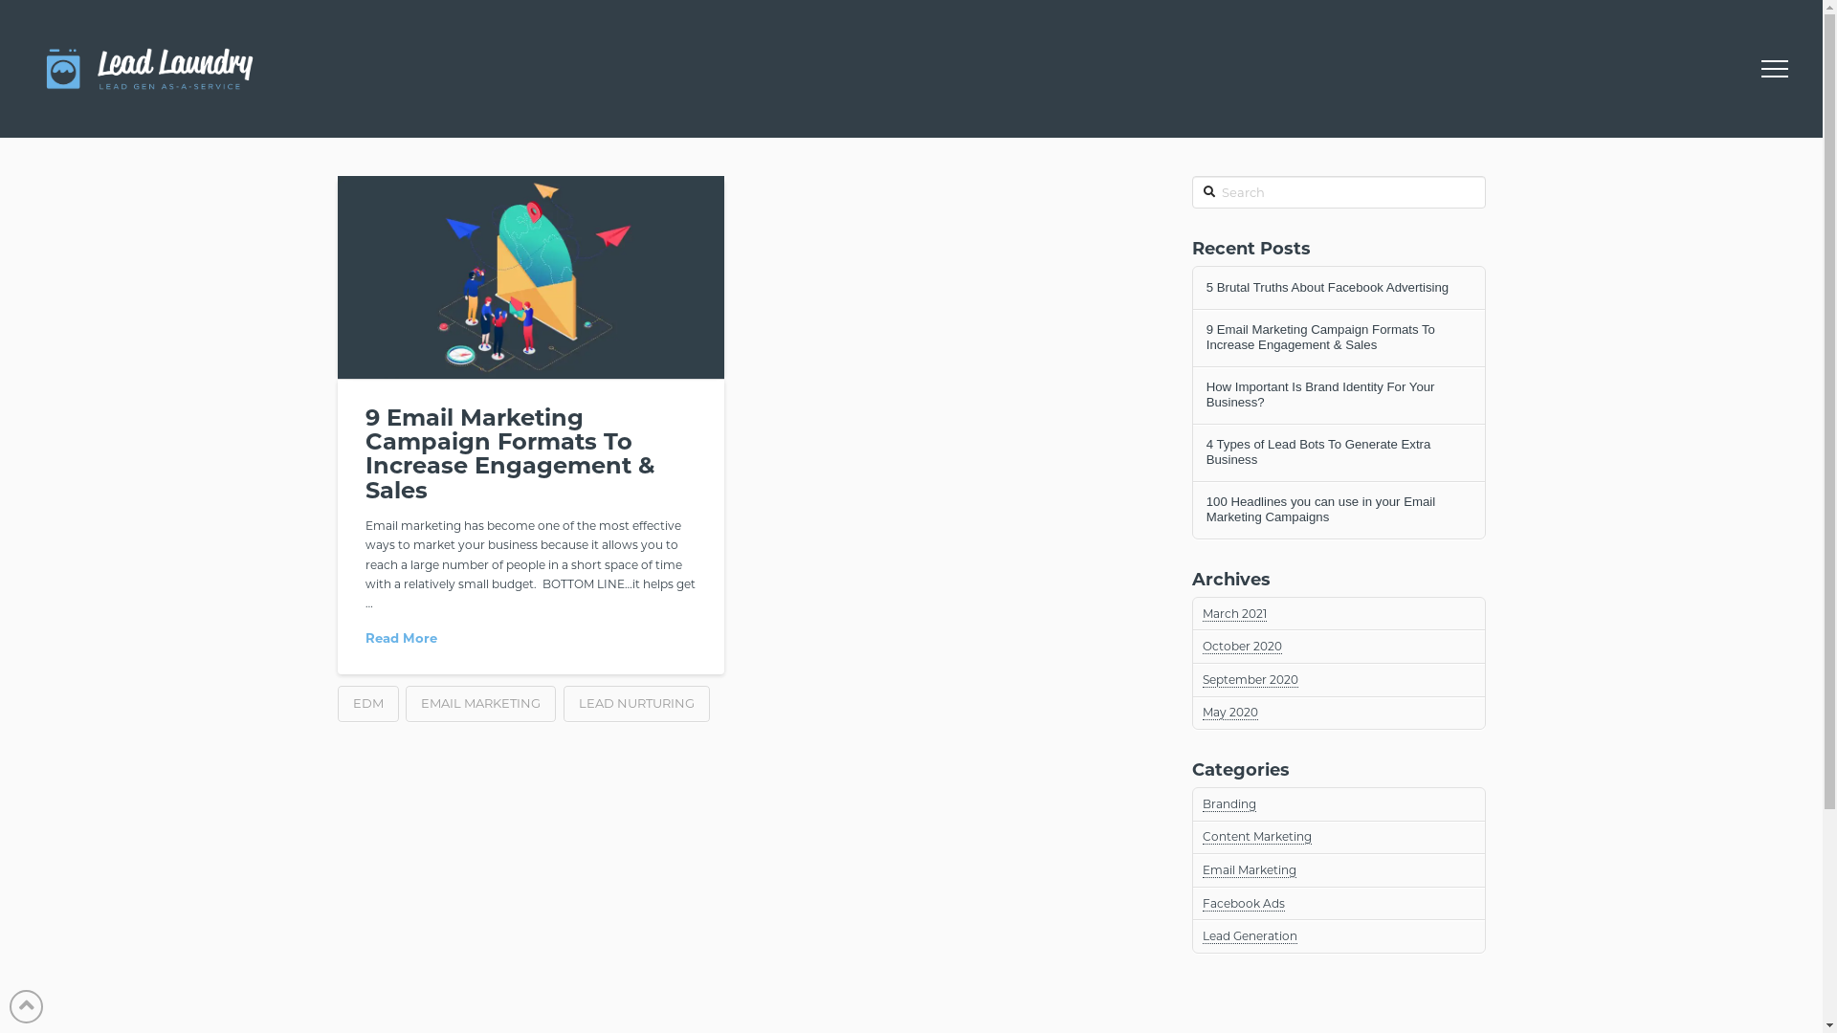 This screenshot has width=1837, height=1033. Describe the element at coordinates (1206, 287) in the screenshot. I see `'5 Brutal Truths About Facebook Advertising'` at that location.